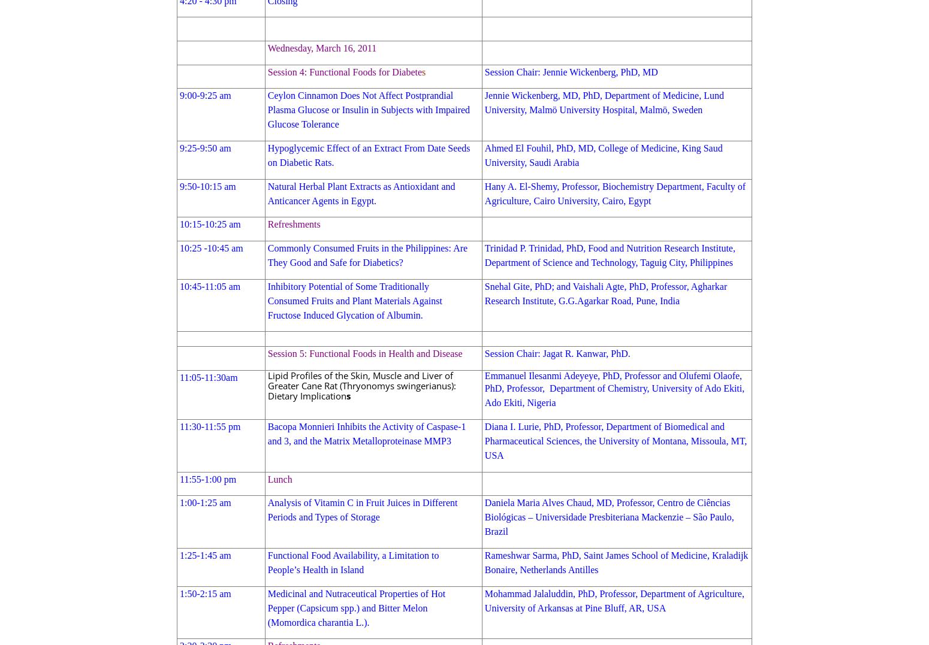 This screenshot has height=645, width=929. Describe the element at coordinates (267, 48) in the screenshot. I see `'Wednesday, March 16, 2011'` at that location.